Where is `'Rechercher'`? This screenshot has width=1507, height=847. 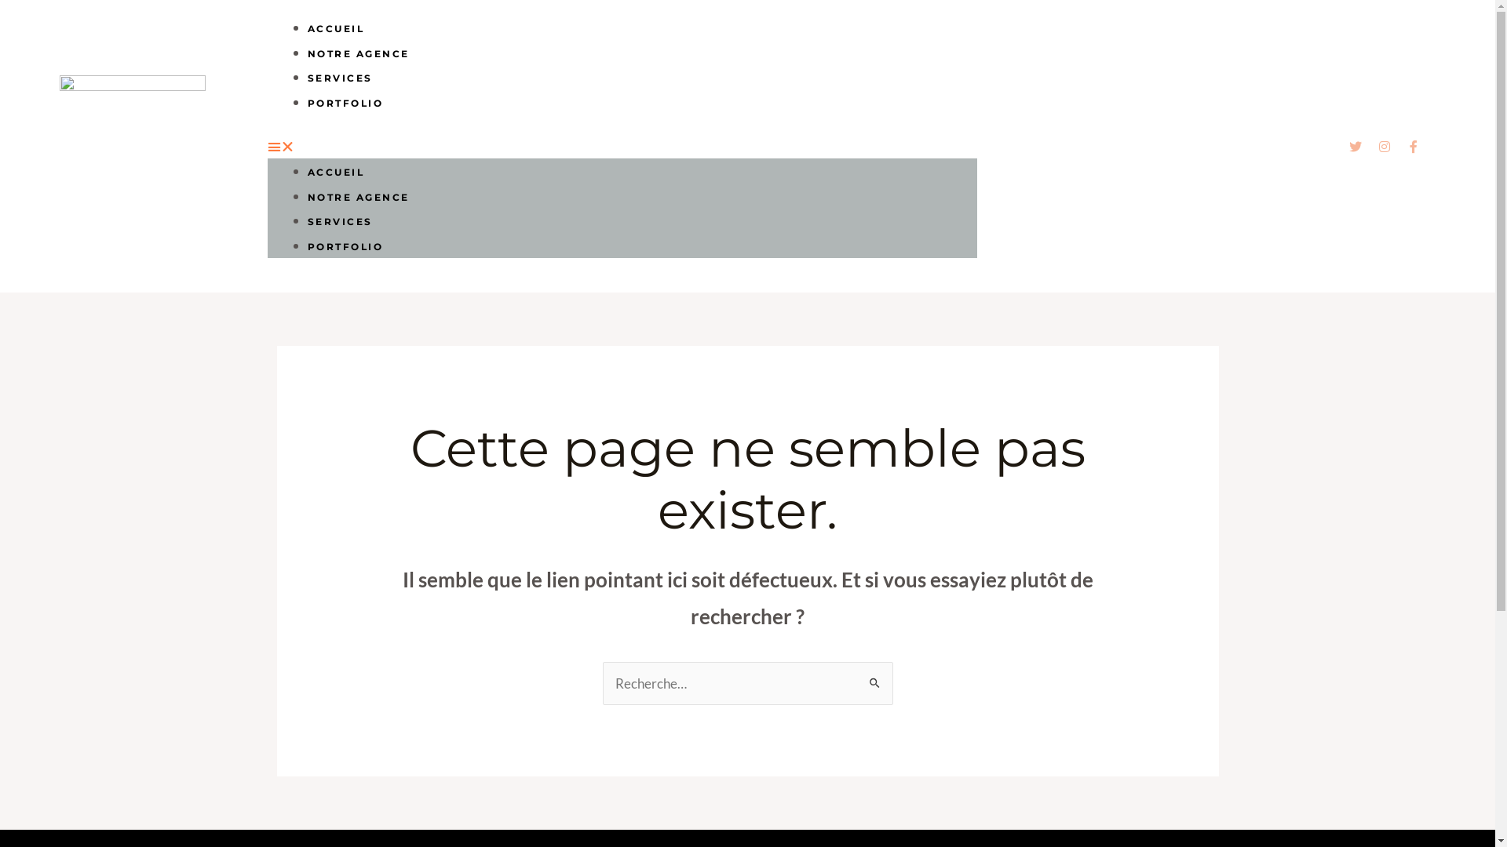 'Rechercher' is located at coordinates (856, 677).